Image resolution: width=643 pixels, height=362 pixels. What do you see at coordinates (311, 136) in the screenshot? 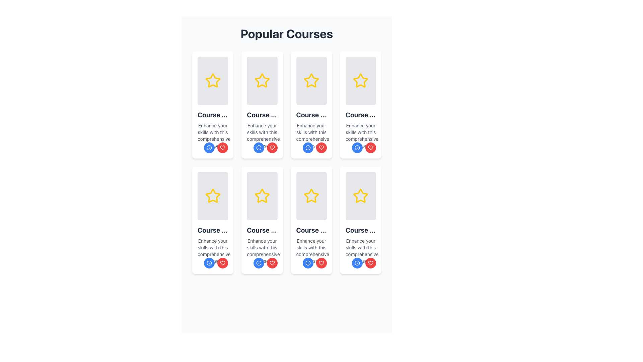
I see `text element that contains the description 'Enhance your skills with this comprehensive course.' located under 'Course Title 3' in the third card of the course card grid` at bounding box center [311, 136].